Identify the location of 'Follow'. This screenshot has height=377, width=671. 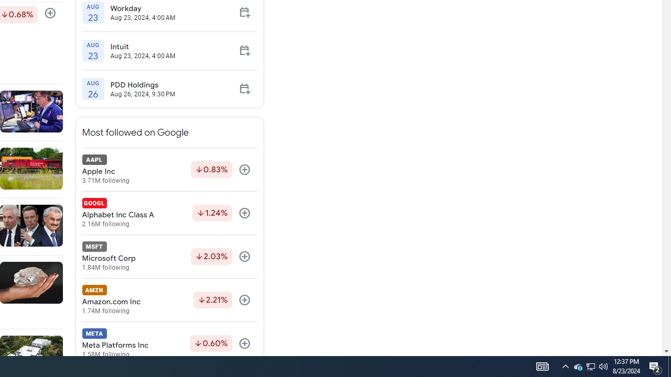
(244, 344).